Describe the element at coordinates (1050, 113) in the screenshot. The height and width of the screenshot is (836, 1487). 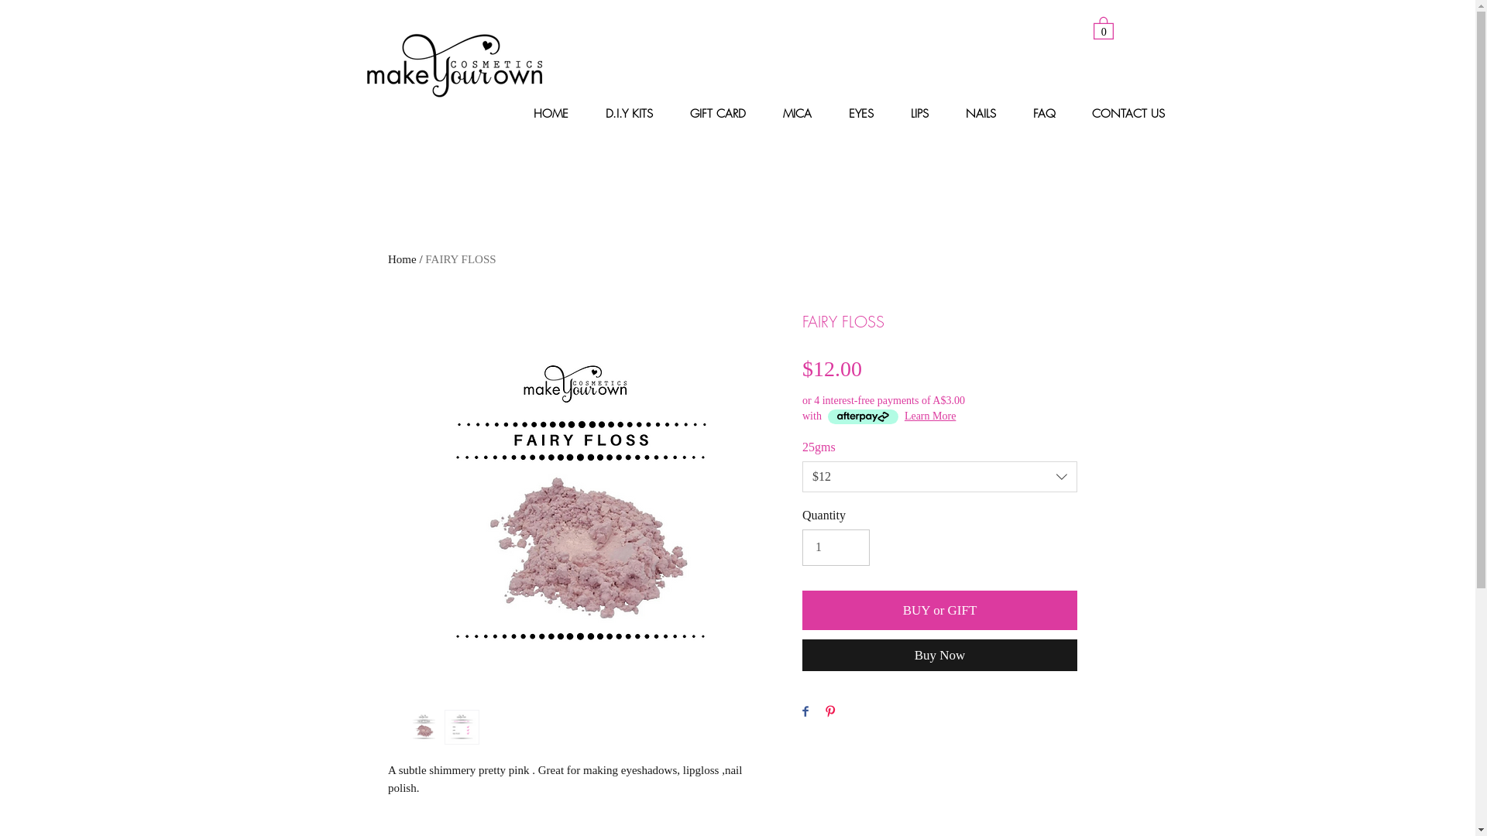
I see `'FAQ'` at that location.